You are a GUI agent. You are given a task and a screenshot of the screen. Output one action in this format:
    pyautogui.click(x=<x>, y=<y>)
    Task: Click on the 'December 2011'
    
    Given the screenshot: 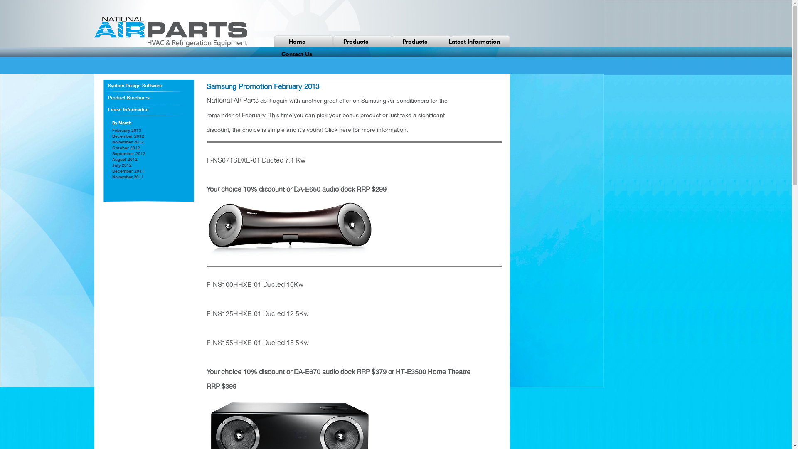 What is the action you would take?
    pyautogui.click(x=128, y=170)
    